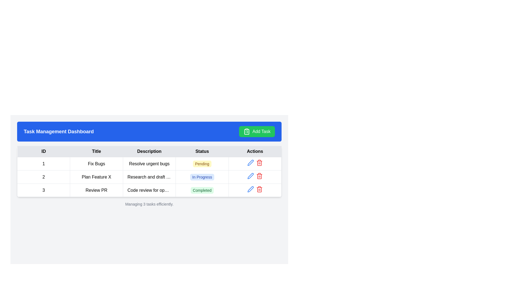 The width and height of the screenshot is (530, 298). What do you see at coordinates (202, 151) in the screenshot?
I see `the 'Status' label, which is the fourth column header in a table structure, displaying bold black text on a white background` at bounding box center [202, 151].